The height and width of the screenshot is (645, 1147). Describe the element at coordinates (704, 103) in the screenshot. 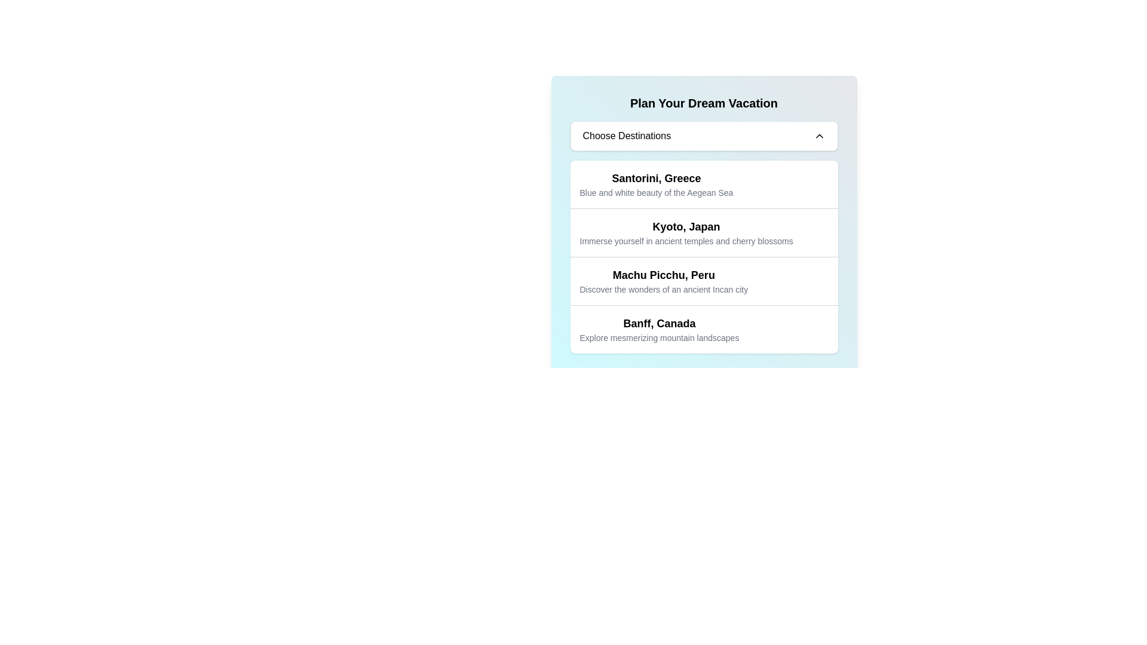

I see `the static text header that serves as the title for the card layout, located at the top center of the card` at that location.